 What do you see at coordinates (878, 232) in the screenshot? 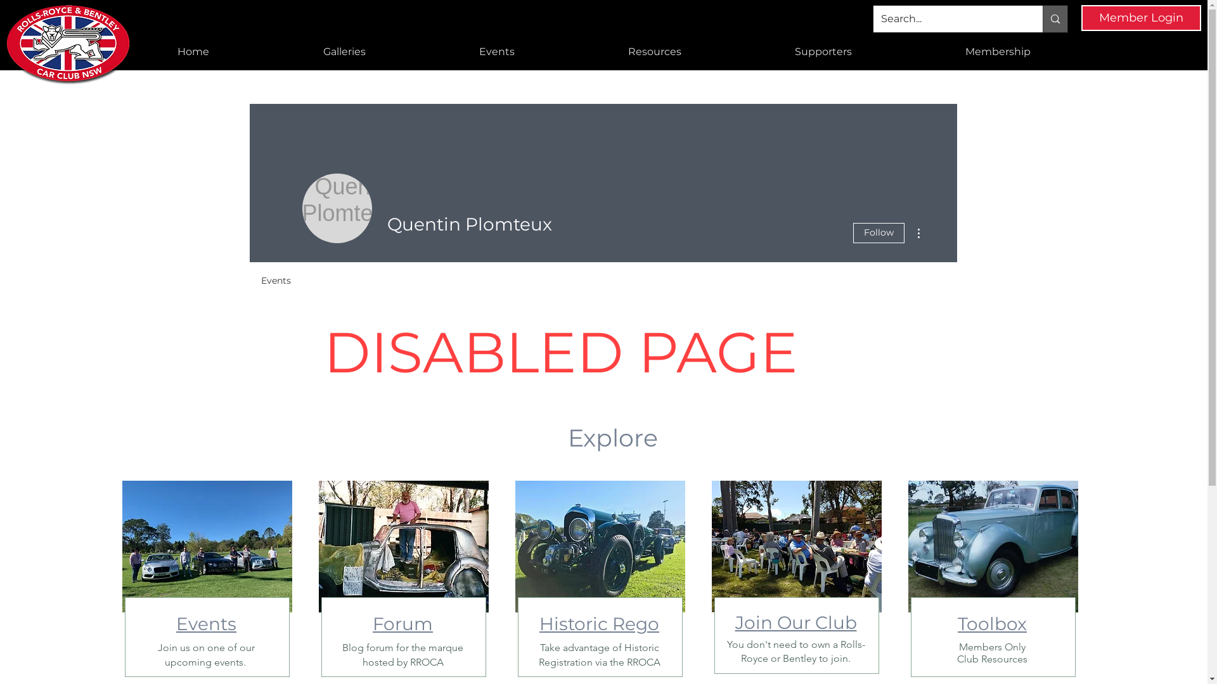
I see `'Follow'` at bounding box center [878, 232].